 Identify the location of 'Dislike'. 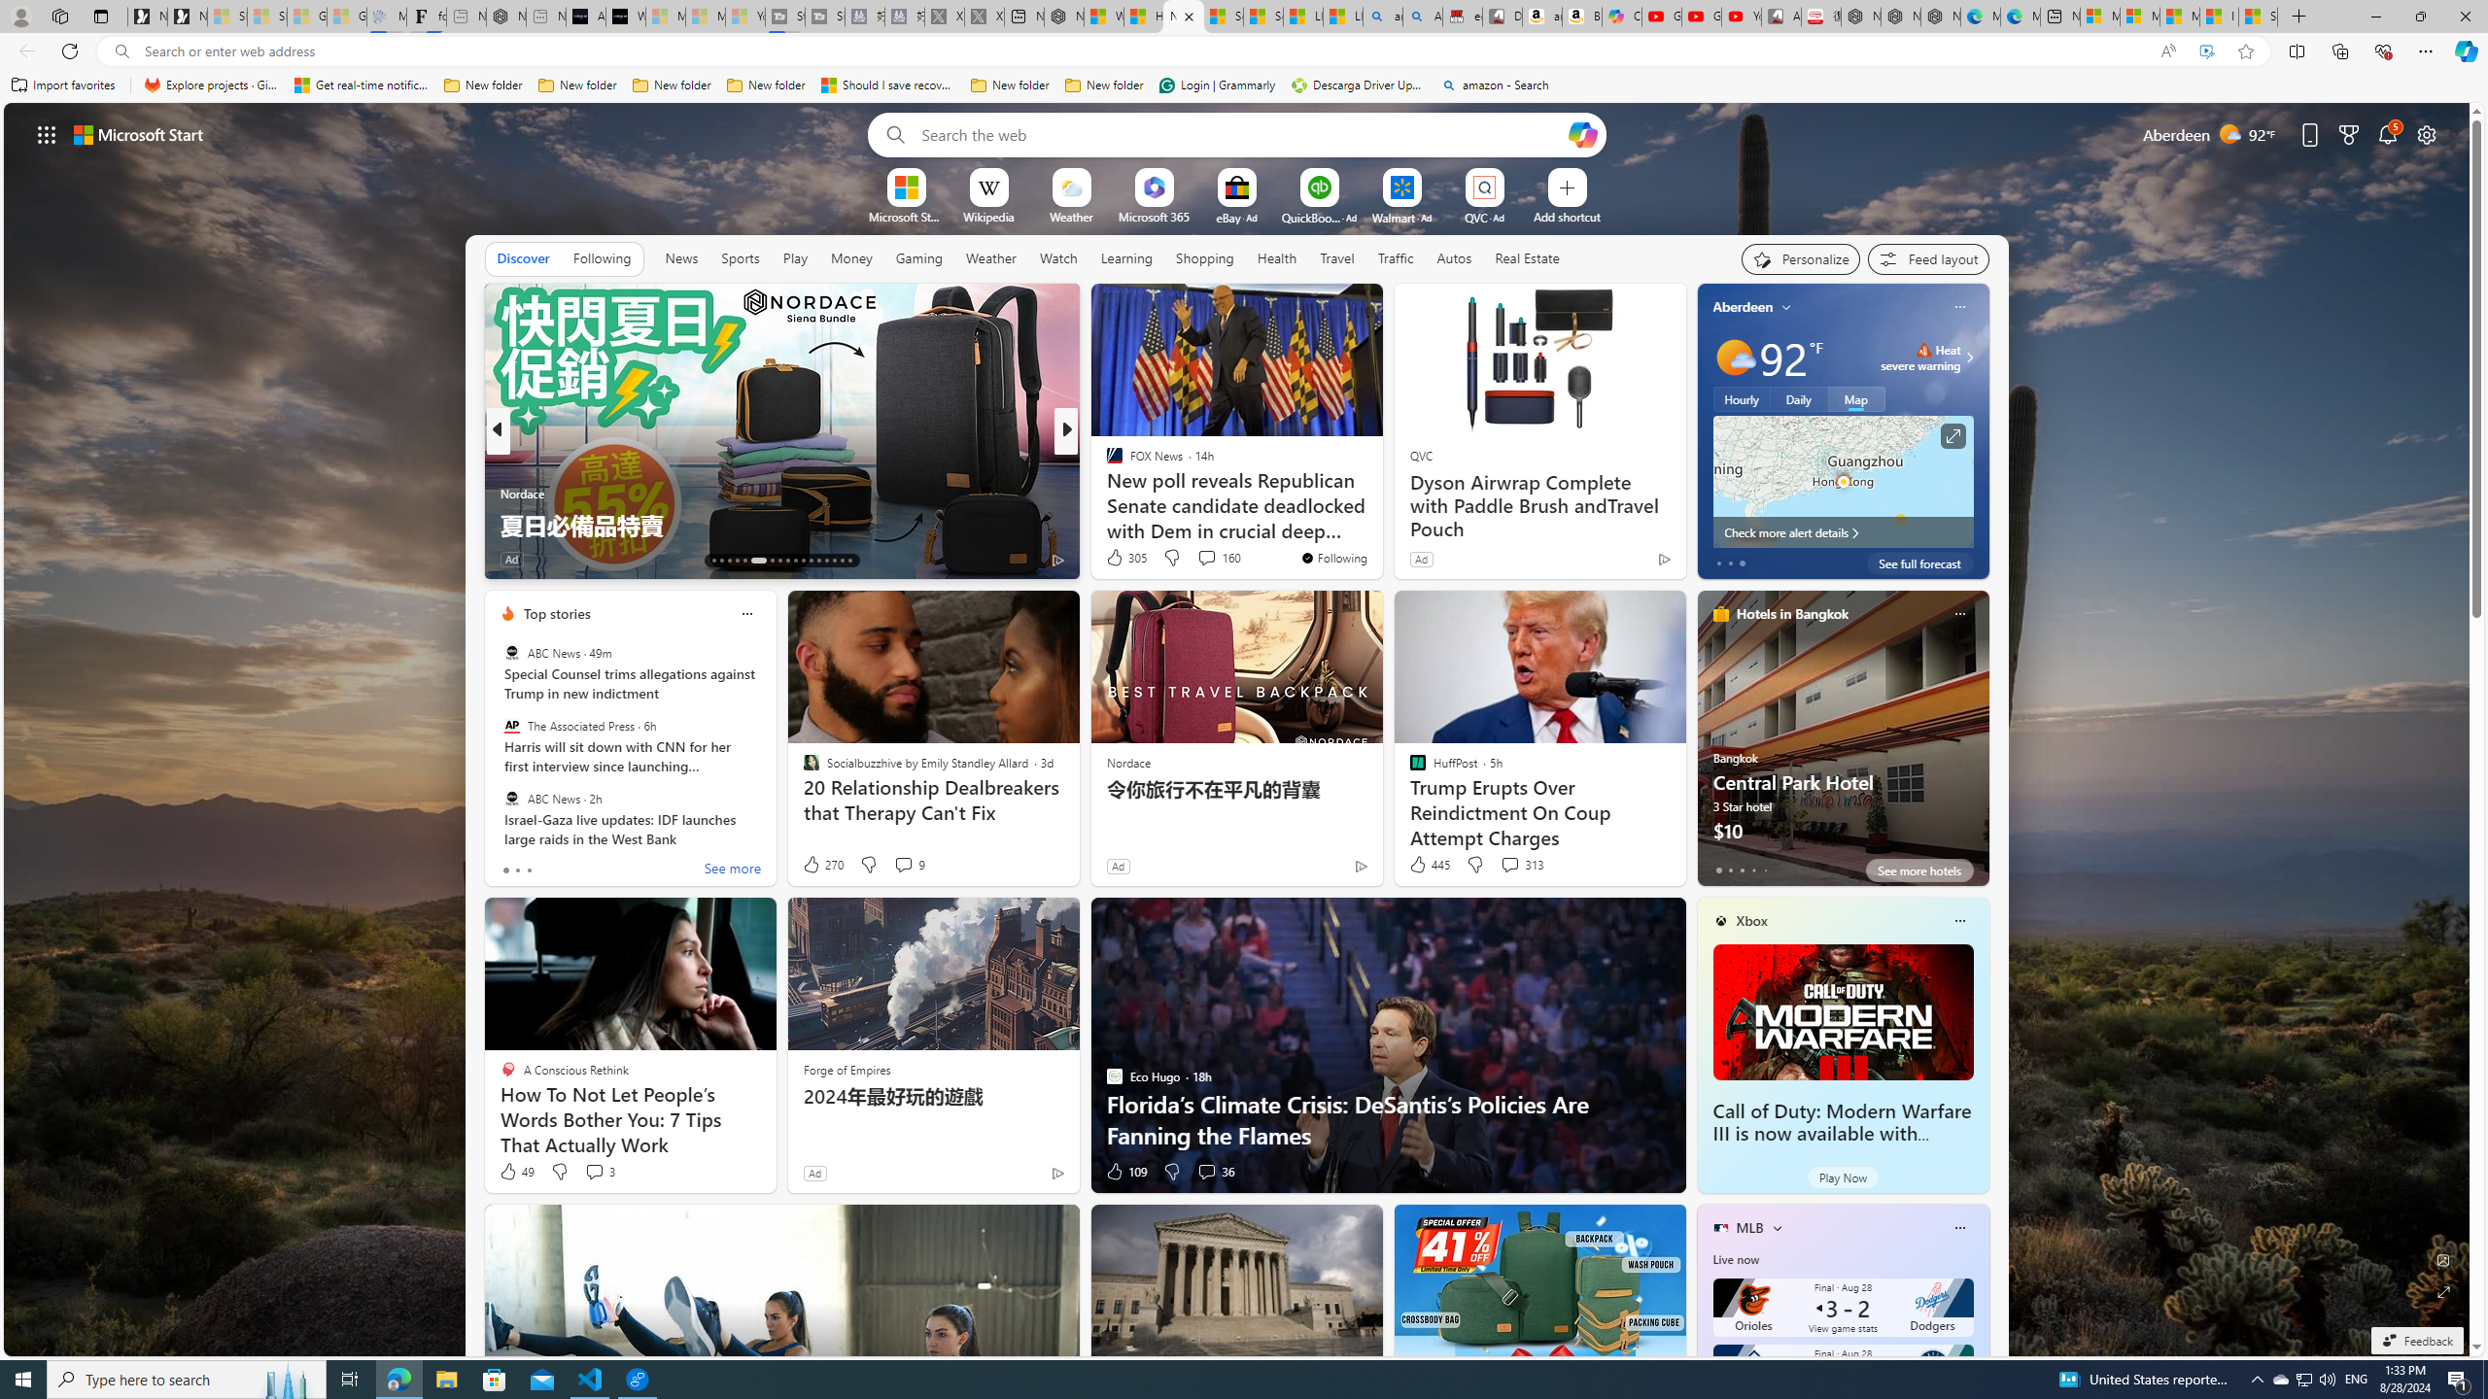
(1170, 1172).